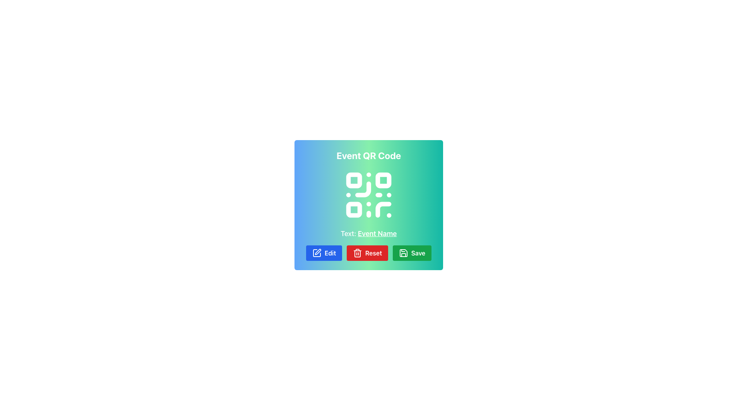 Image resolution: width=743 pixels, height=418 pixels. Describe the element at coordinates (403, 253) in the screenshot. I see `the small green icon resembling a disk or save symbol inside the green 'Save' button located at the bottom-right corner of the interface` at that location.